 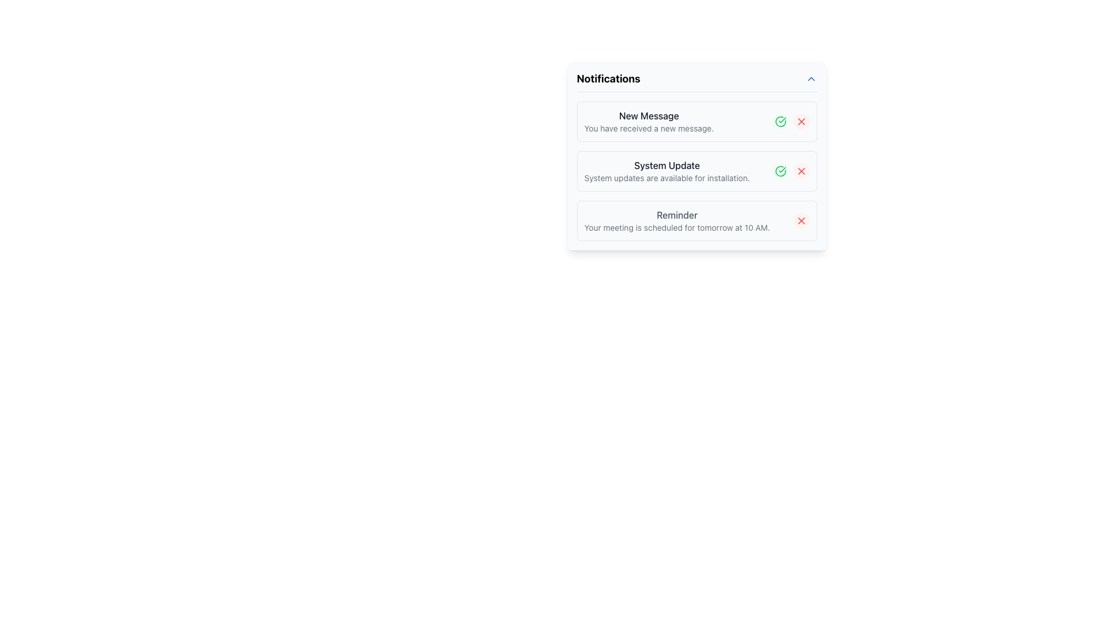 I want to click on the 'System Update' text label, which is styled in dark-gray on a light background and positioned above the text 'System updates are available for installation' in the second notification card, so click(x=667, y=165).